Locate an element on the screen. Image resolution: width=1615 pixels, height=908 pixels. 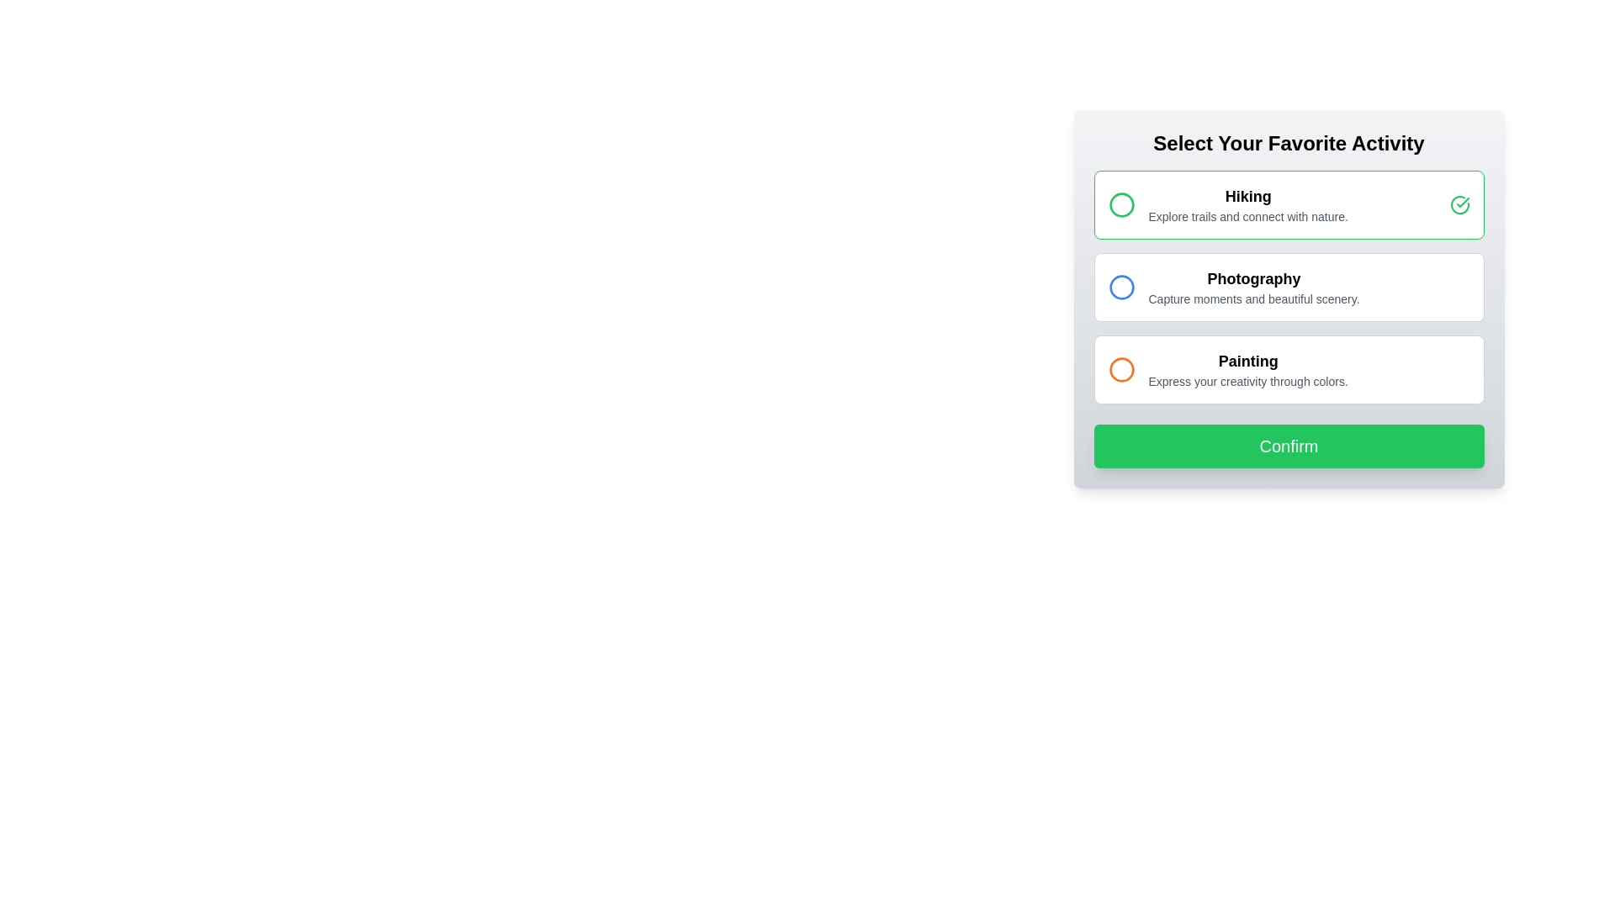
the green circular icon which is part of the Hiking option's check mark symbol, located within a green-bordered selection box is located at coordinates (1459, 203).